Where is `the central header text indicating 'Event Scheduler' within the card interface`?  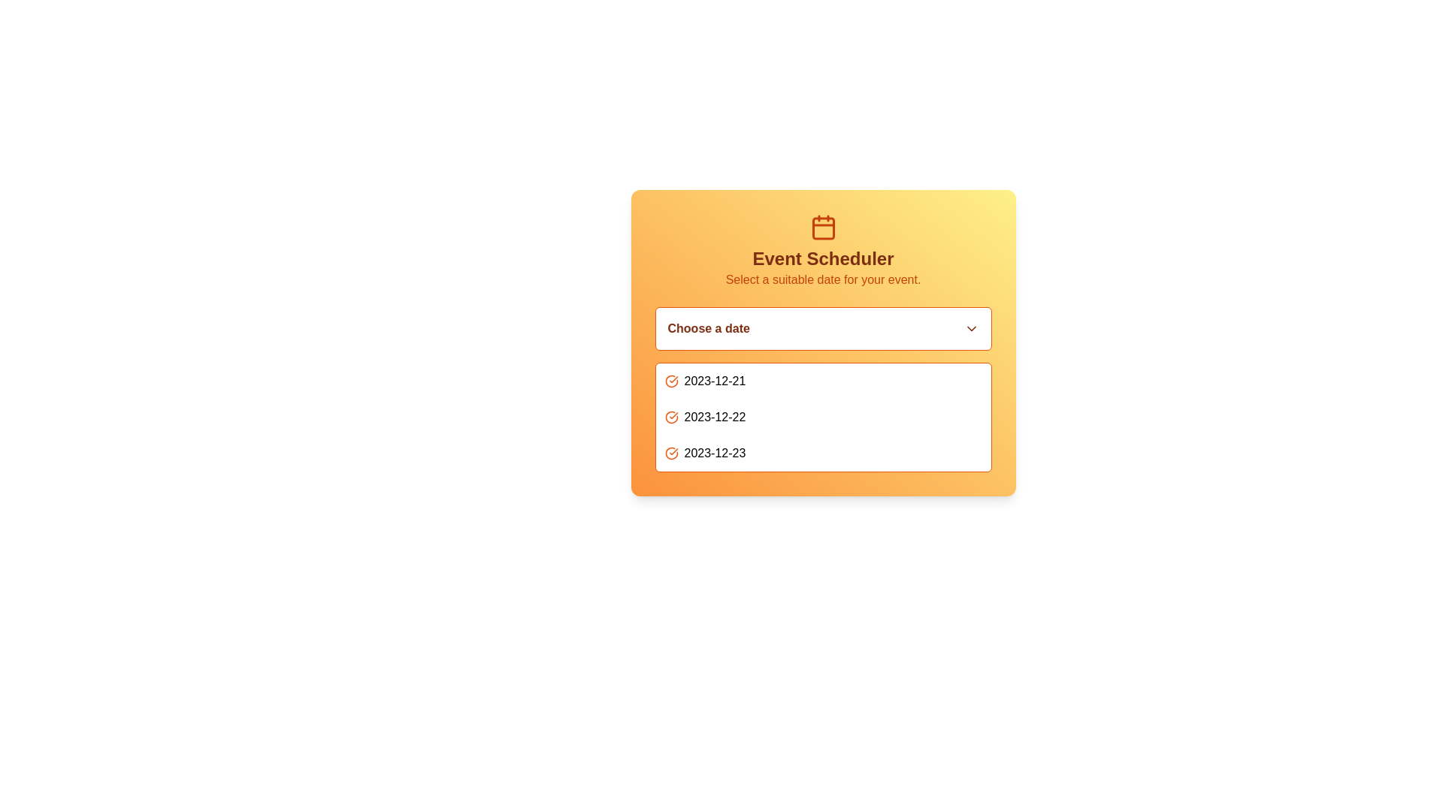 the central header text indicating 'Event Scheduler' within the card interface is located at coordinates (822, 258).